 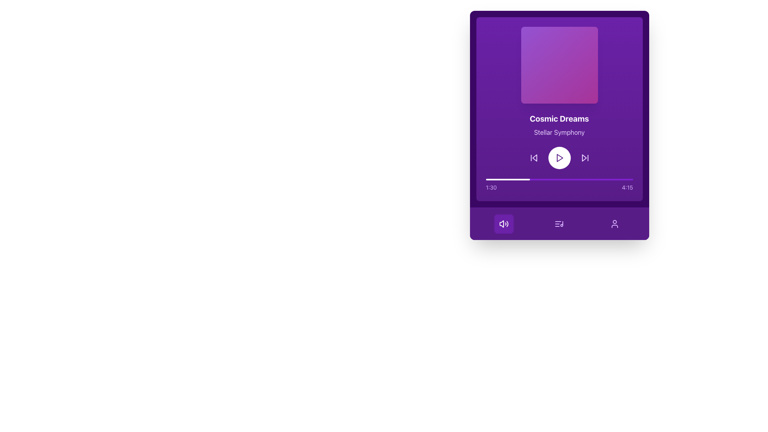 I want to click on the triangular 'play button' icon located centrally in the control area beneath the title and artist information to play or pause the media, so click(x=559, y=158).